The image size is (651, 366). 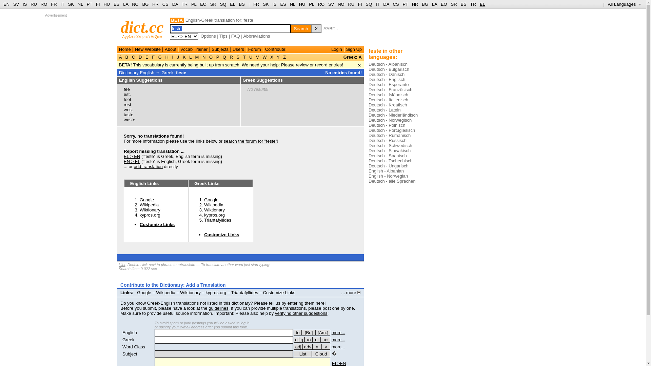 I want to click on 'C', so click(x=133, y=57).